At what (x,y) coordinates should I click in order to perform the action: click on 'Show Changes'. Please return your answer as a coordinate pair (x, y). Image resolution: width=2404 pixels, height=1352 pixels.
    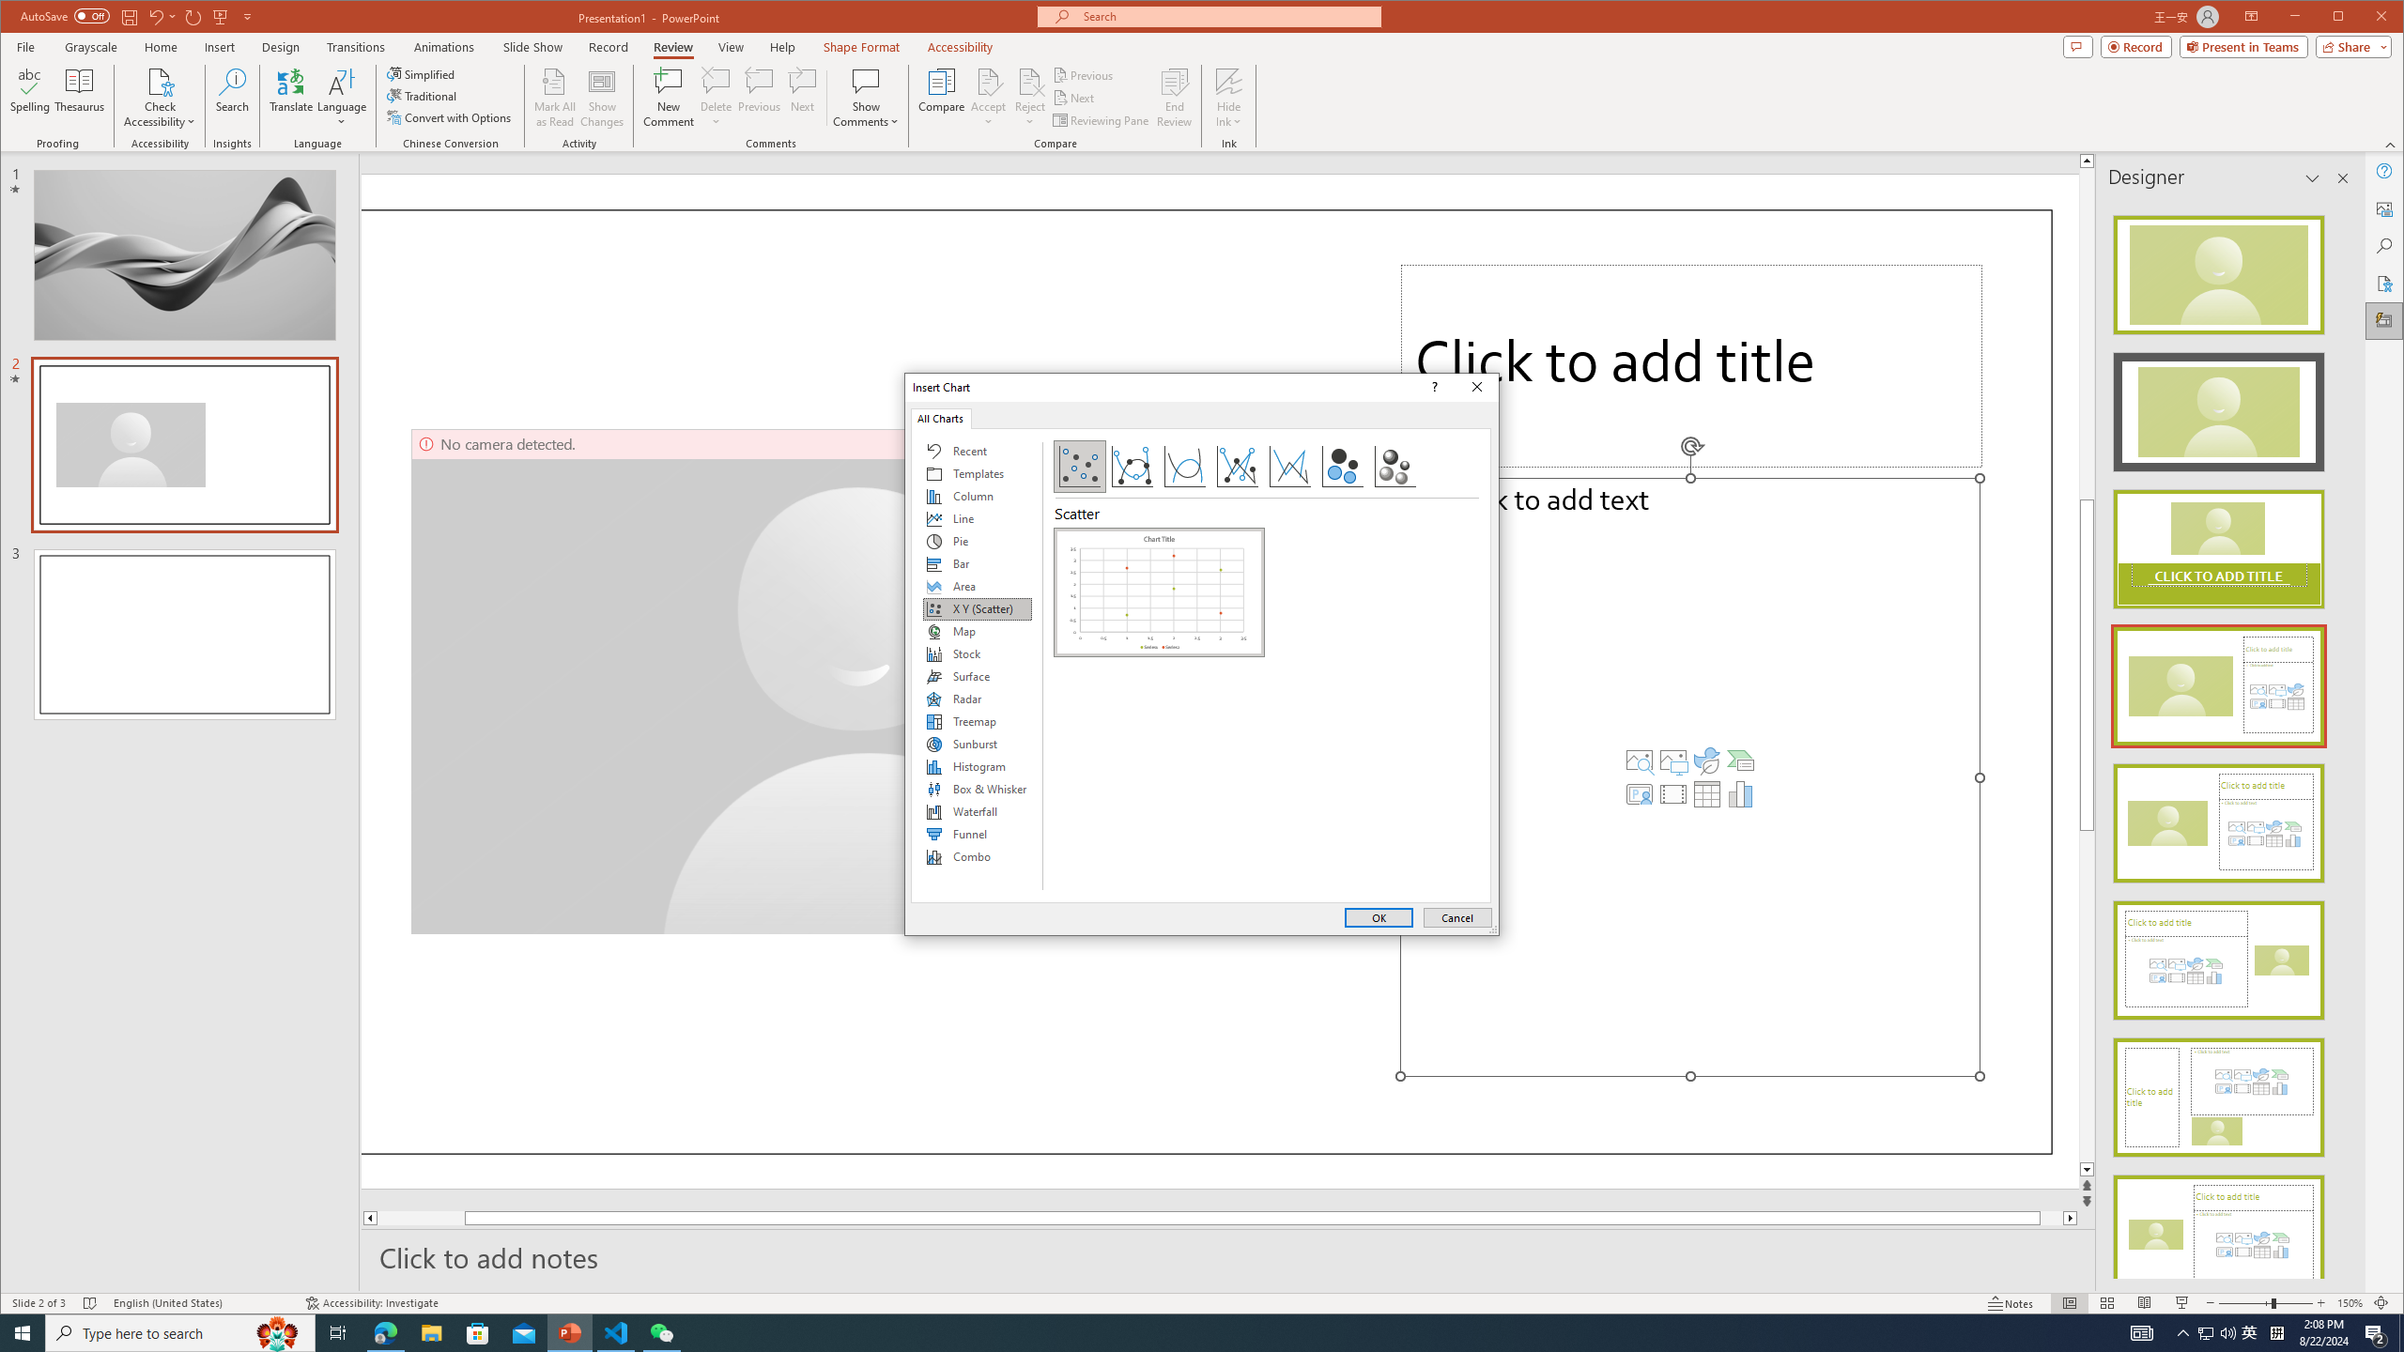
    Looking at the image, I should click on (602, 97).